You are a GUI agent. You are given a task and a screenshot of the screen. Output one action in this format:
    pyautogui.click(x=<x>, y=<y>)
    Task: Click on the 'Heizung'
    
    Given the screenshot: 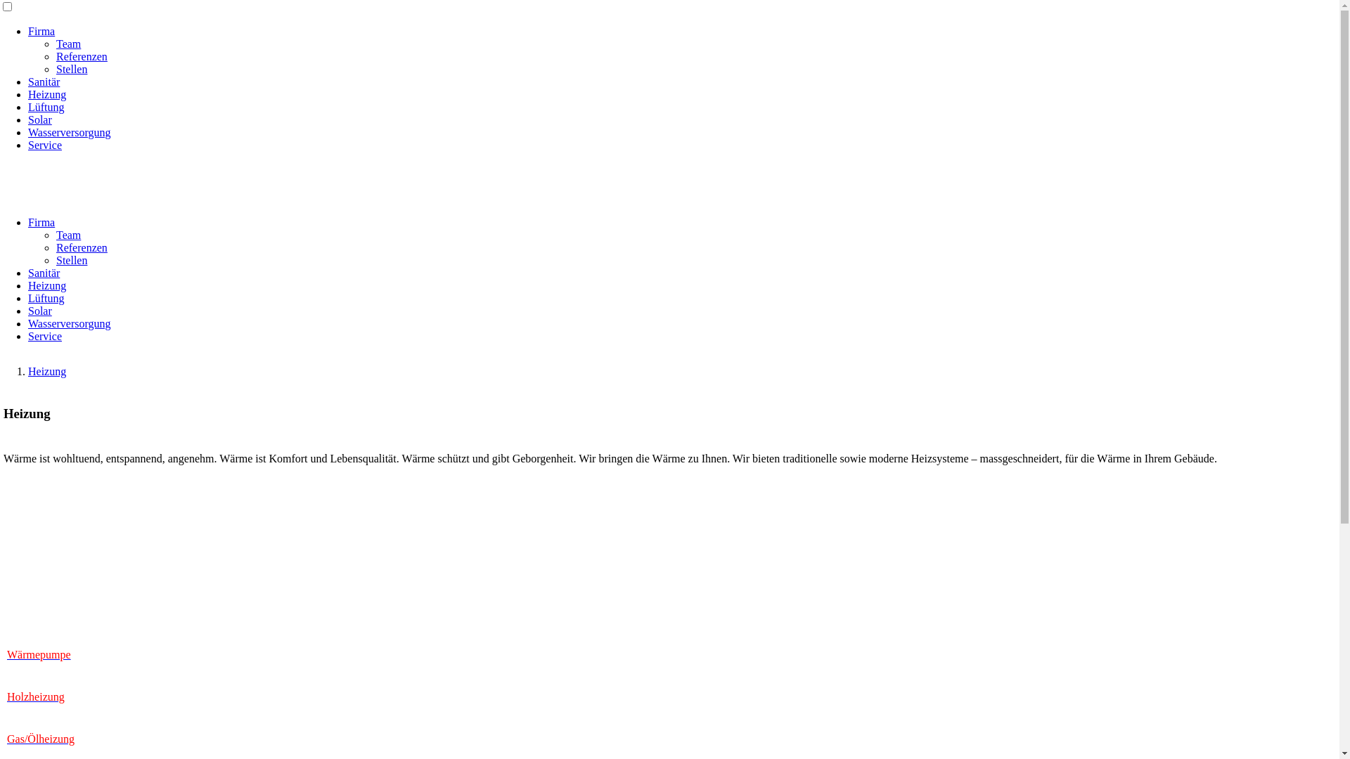 What is the action you would take?
    pyautogui.click(x=47, y=370)
    